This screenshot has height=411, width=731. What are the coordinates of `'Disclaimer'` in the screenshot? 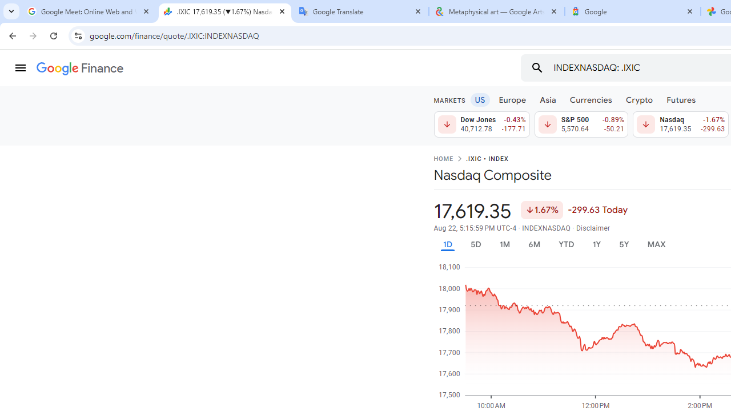 It's located at (593, 228).